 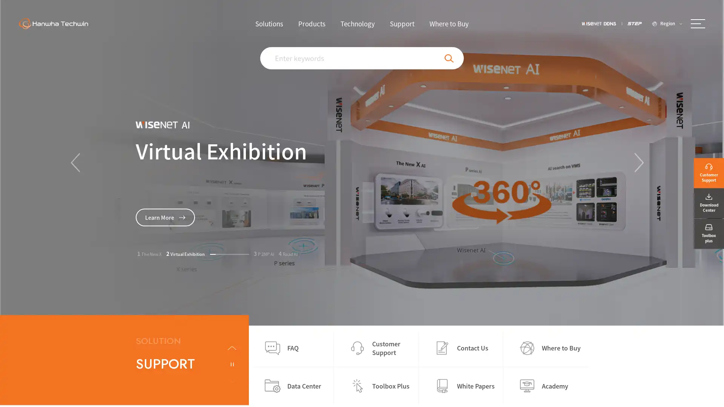 I want to click on Go to slide 4, so click(x=287, y=254).